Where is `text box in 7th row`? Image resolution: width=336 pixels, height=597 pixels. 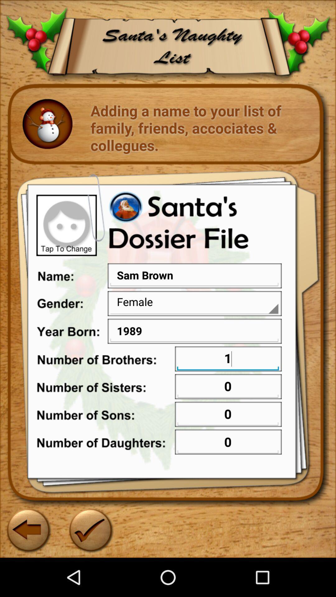
text box in 7th row is located at coordinates (228, 442).